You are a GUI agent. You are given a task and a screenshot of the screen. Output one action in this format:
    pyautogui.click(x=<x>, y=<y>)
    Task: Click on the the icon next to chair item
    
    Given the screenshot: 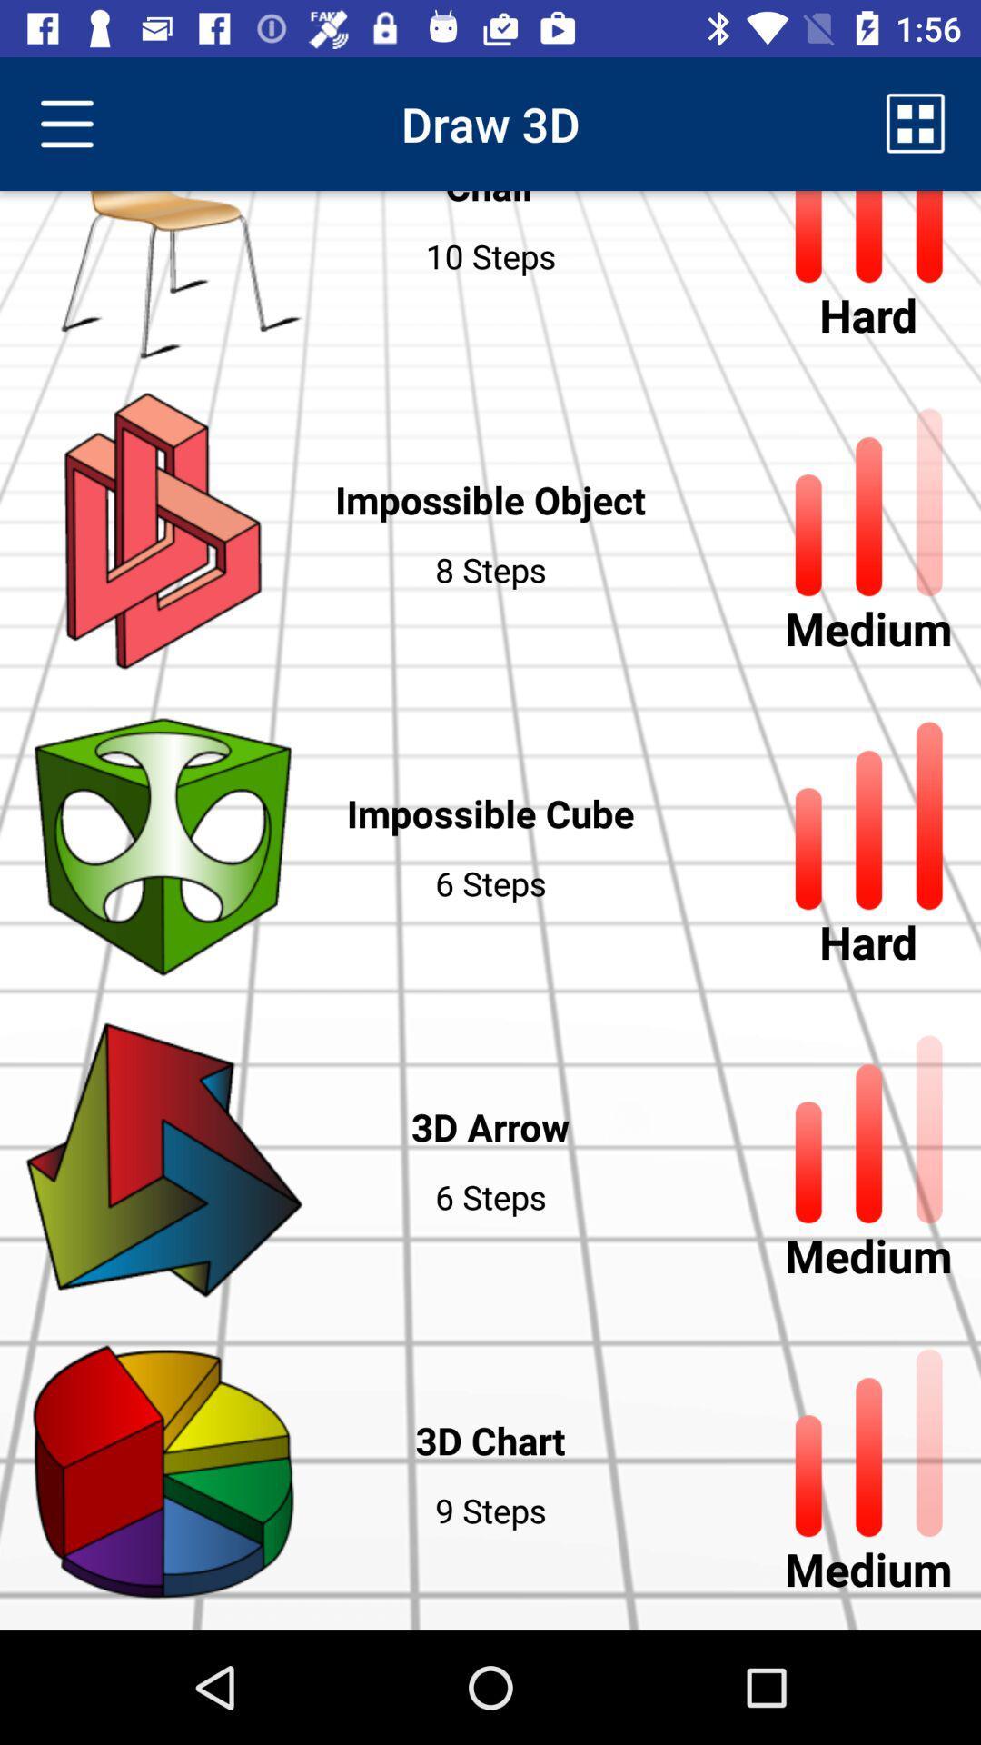 What is the action you would take?
    pyautogui.click(x=65, y=123)
    